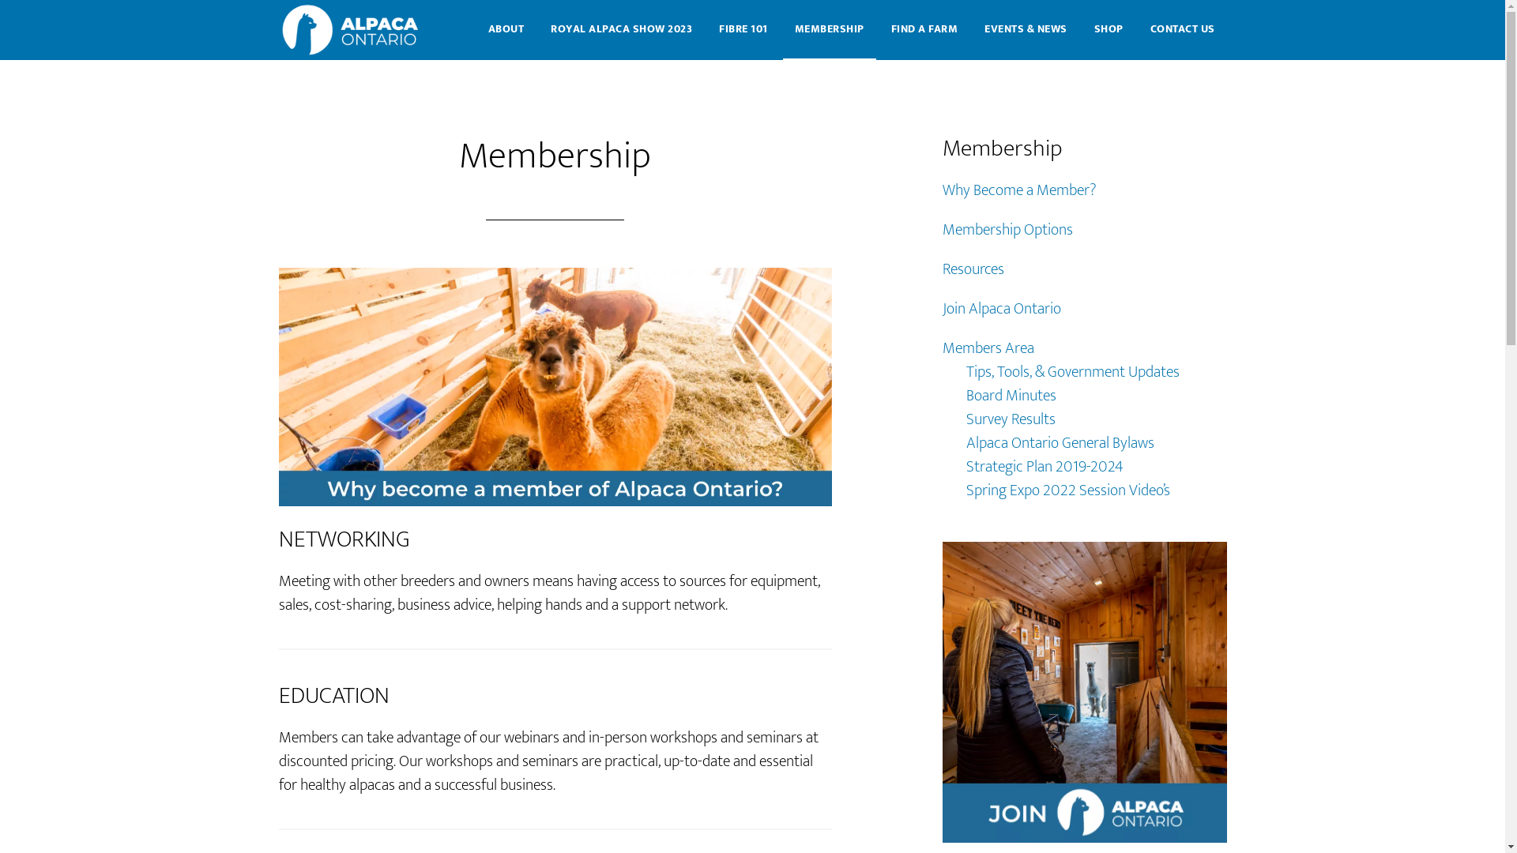  What do you see at coordinates (1000, 308) in the screenshot?
I see `'Join Alpaca Ontario'` at bounding box center [1000, 308].